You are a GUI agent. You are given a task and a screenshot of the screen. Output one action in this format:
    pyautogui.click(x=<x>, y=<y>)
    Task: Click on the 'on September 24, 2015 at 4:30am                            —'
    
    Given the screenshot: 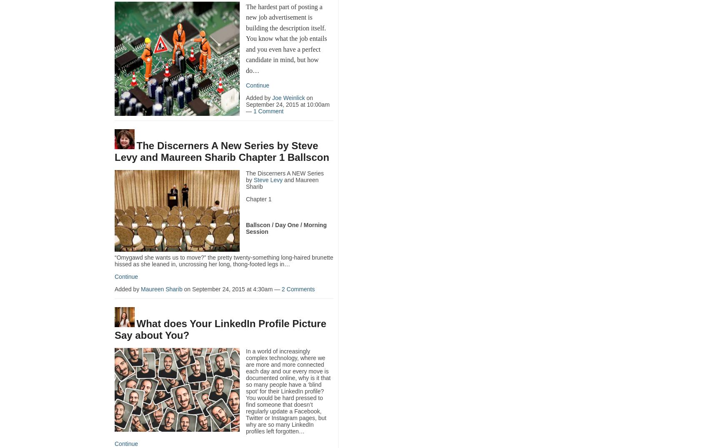 What is the action you would take?
    pyautogui.click(x=231, y=289)
    